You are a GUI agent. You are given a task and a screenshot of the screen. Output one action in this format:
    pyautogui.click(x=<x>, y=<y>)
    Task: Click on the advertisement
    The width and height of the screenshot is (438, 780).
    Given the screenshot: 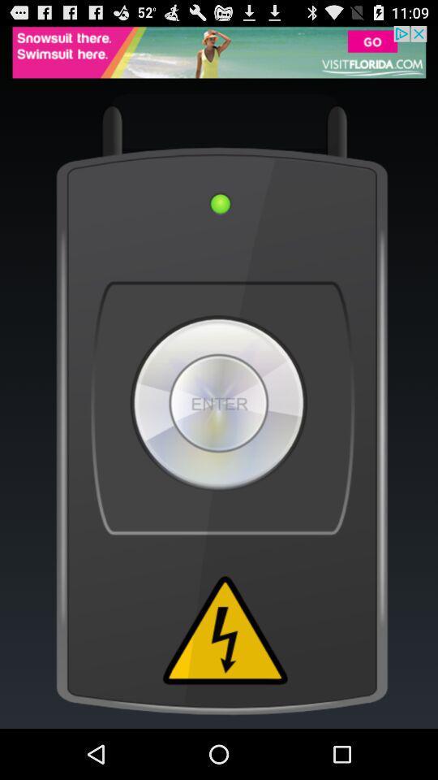 What is the action you would take?
    pyautogui.click(x=219, y=52)
    